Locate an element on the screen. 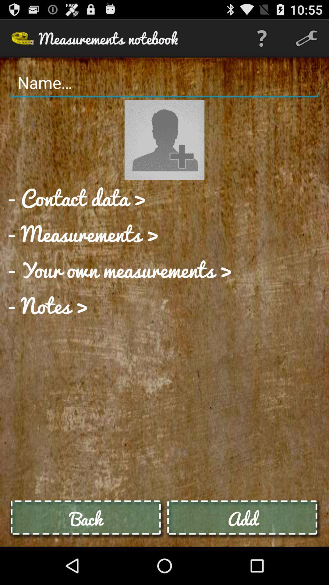  the - your own measurements > is located at coordinates (120, 269).